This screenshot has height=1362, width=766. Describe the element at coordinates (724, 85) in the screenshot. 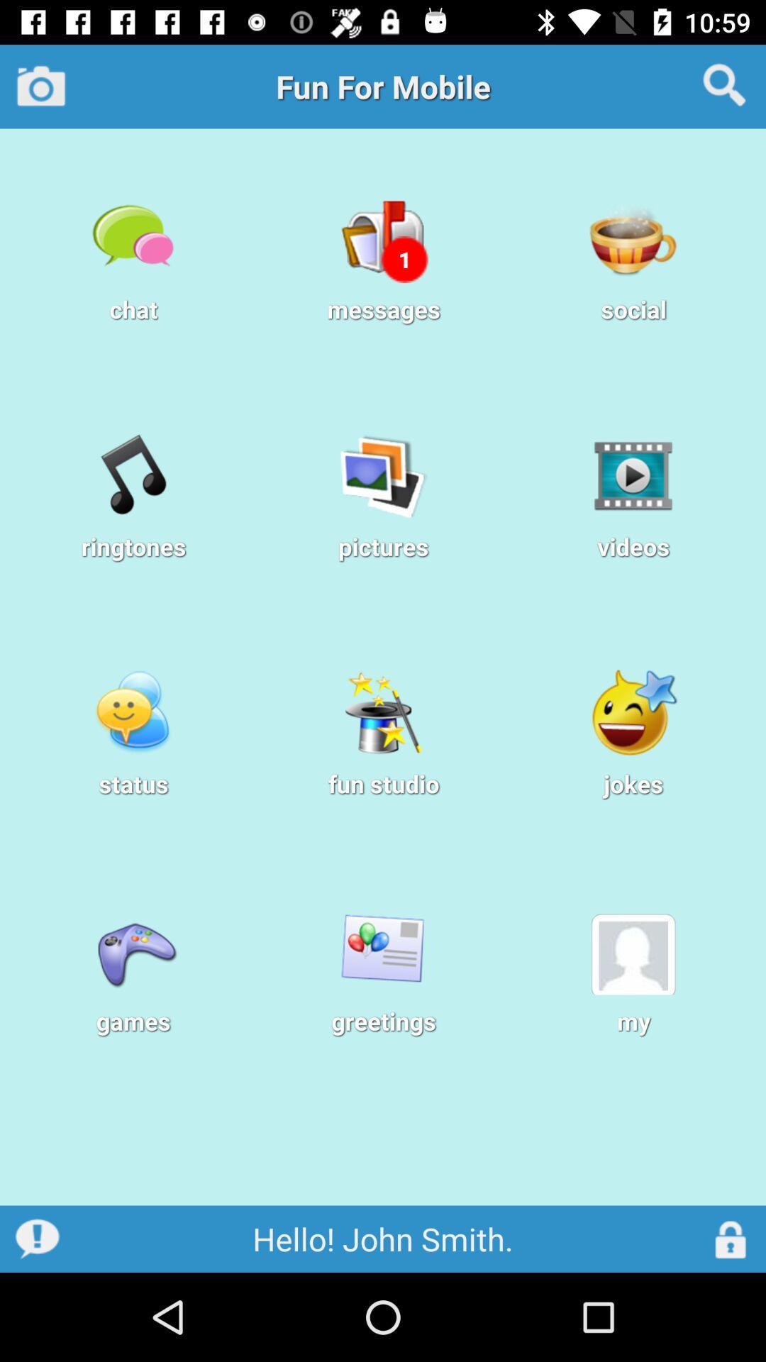

I see `the search icon` at that location.